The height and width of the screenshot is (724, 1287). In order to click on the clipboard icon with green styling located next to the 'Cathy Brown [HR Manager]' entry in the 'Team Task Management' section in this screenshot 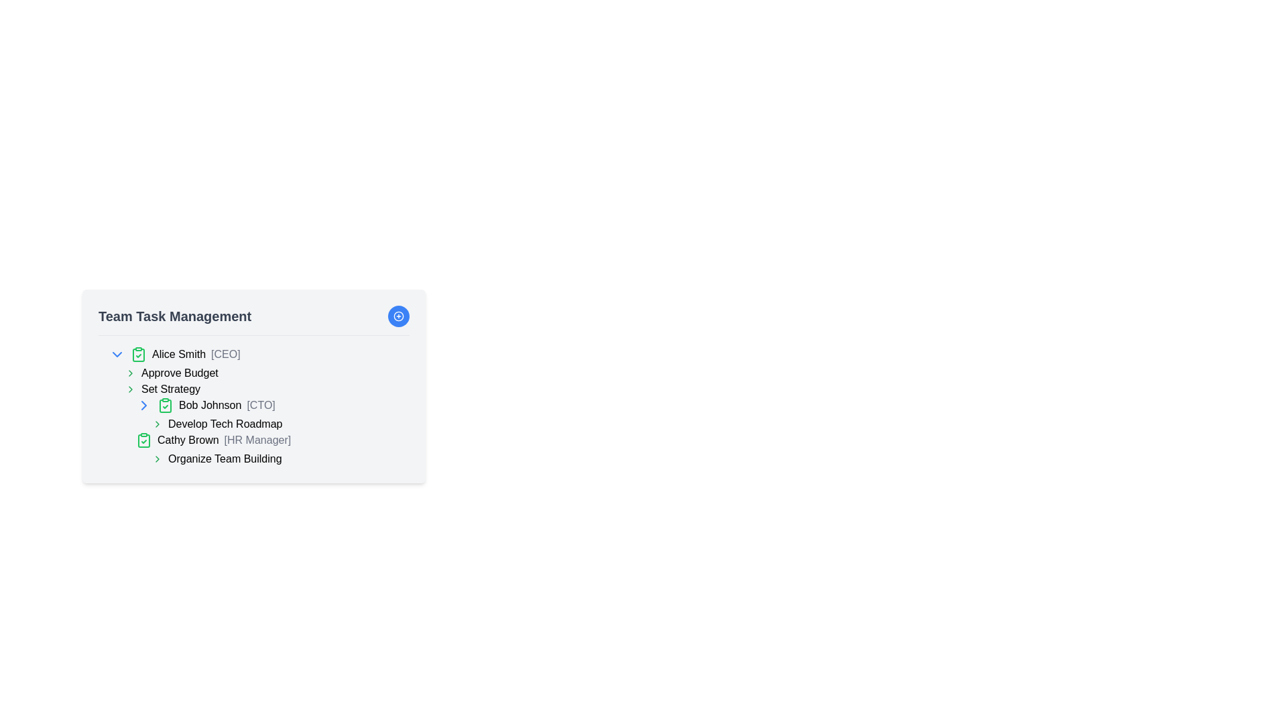, I will do `click(144, 441)`.